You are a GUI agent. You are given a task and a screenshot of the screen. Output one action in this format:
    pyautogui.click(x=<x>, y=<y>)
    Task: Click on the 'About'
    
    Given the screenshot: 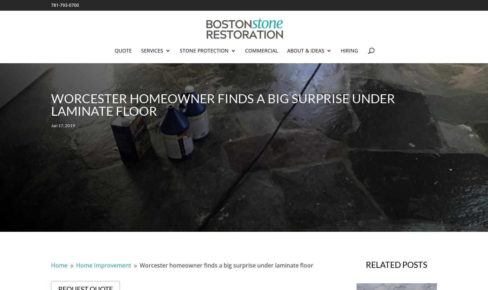 What is the action you would take?
    pyautogui.click(x=309, y=78)
    